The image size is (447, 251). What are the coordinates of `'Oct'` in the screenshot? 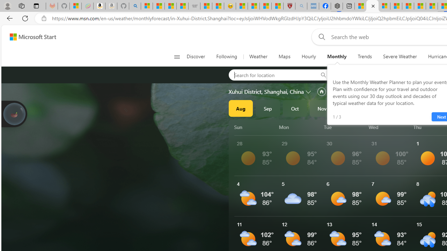 It's located at (295, 108).